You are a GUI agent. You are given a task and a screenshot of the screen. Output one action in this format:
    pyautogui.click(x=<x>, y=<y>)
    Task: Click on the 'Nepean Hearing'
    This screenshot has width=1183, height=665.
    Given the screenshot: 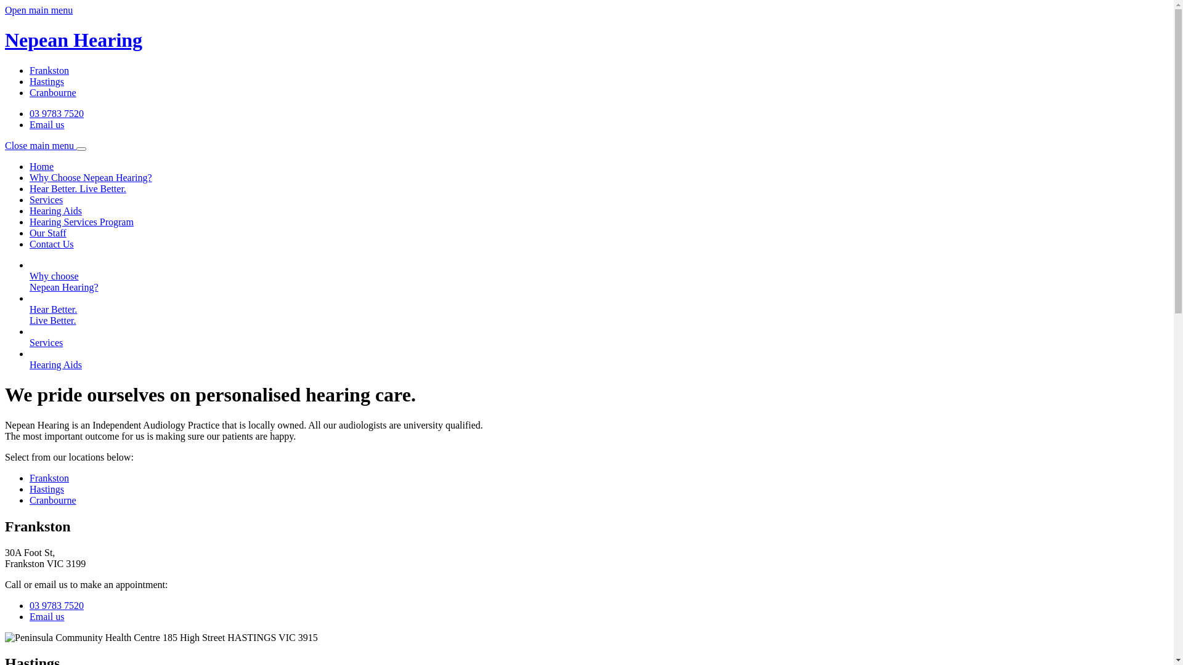 What is the action you would take?
    pyautogui.click(x=5, y=51)
    